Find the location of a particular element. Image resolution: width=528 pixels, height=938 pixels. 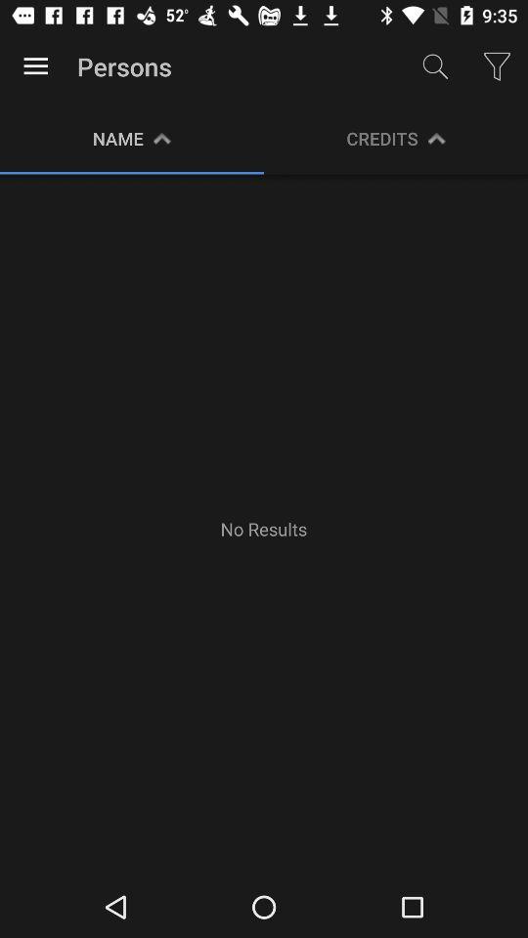

the app to the right of the persons is located at coordinates (435, 66).